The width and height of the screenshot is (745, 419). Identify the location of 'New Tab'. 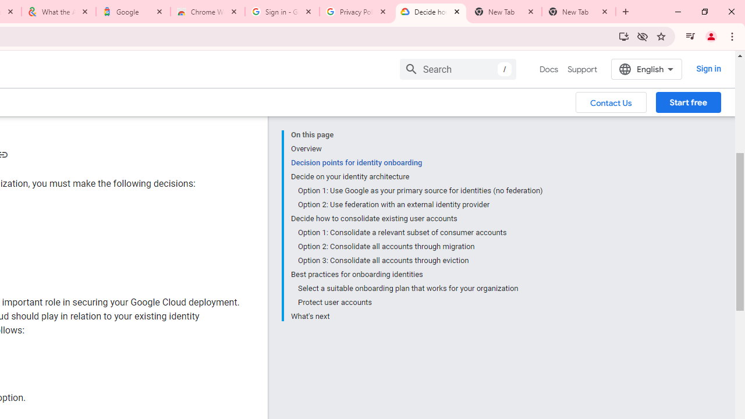
(579, 12).